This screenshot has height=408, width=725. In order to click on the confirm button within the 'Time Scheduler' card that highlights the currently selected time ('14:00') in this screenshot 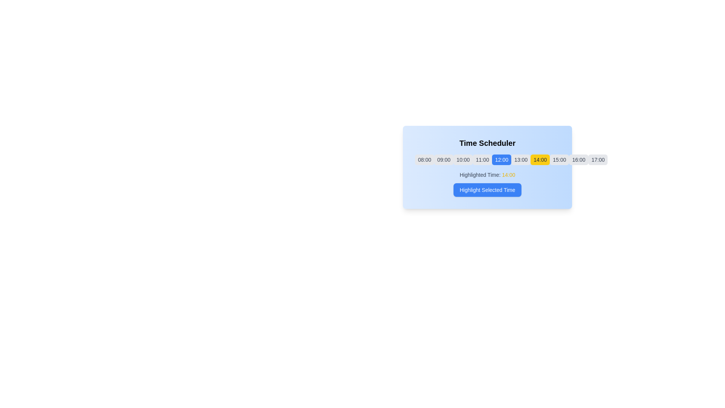, I will do `click(487, 184)`.